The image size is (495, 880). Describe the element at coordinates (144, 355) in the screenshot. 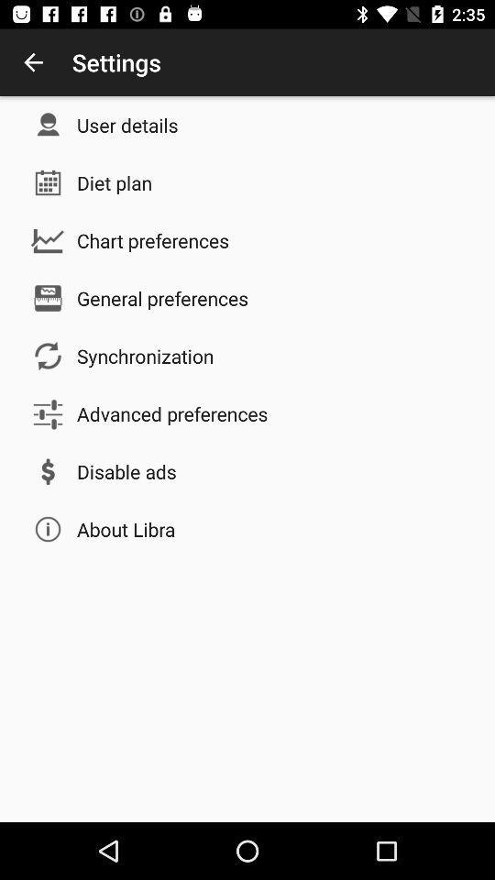

I see `synchronization app` at that location.